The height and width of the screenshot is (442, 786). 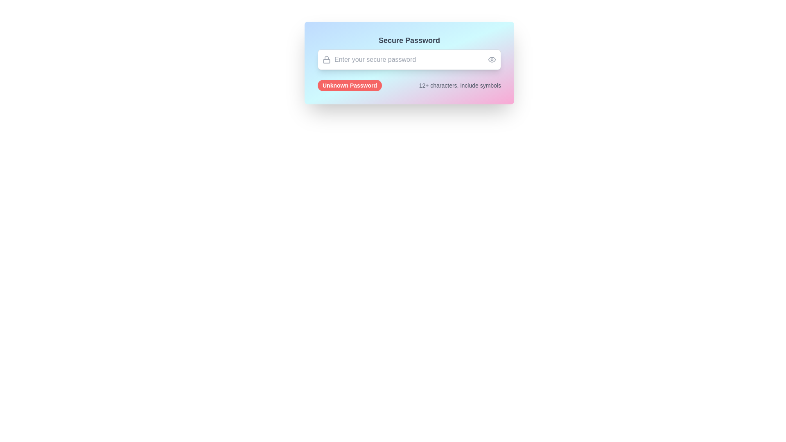 I want to click on the body of the lock icon, which symbolizes security and is located next to the input field labeled 'Enter your secure password', so click(x=326, y=61).